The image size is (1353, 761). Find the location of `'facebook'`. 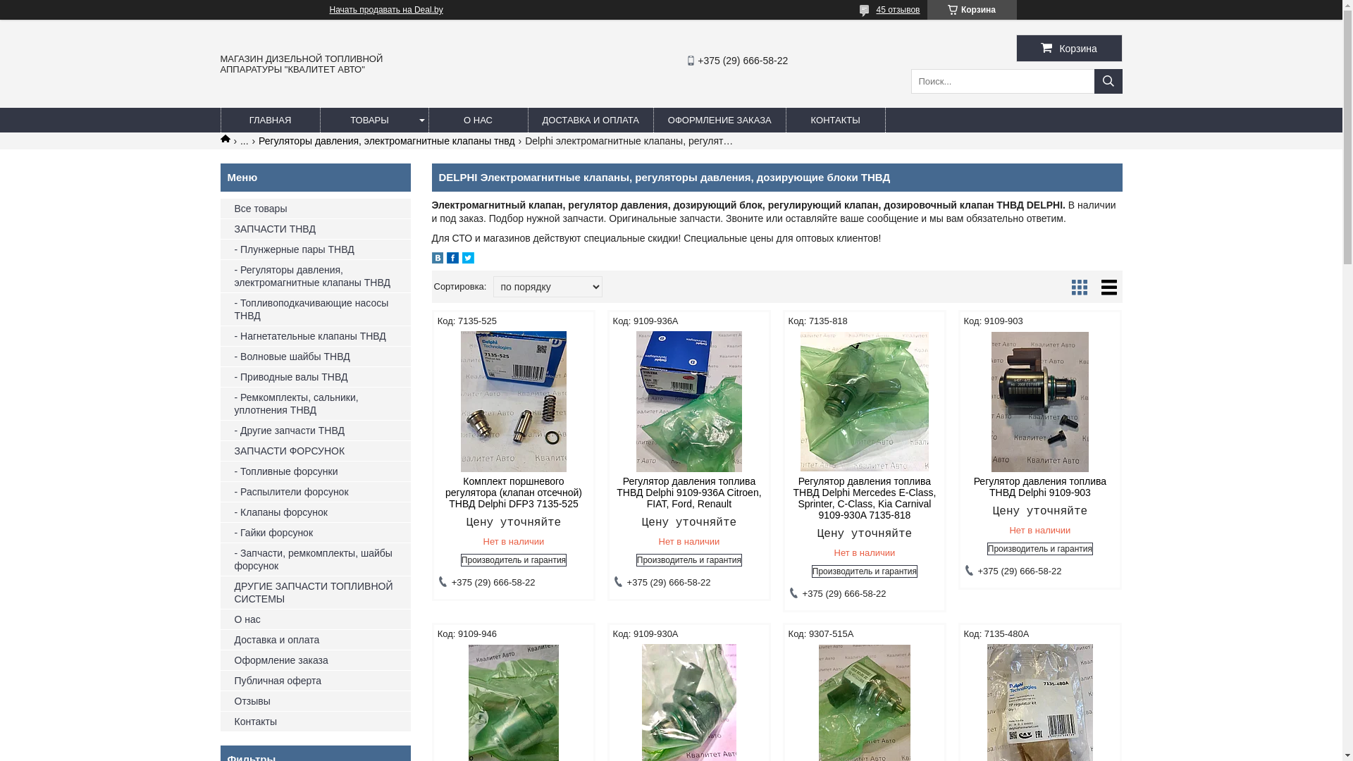

'facebook' is located at coordinates (445, 260).